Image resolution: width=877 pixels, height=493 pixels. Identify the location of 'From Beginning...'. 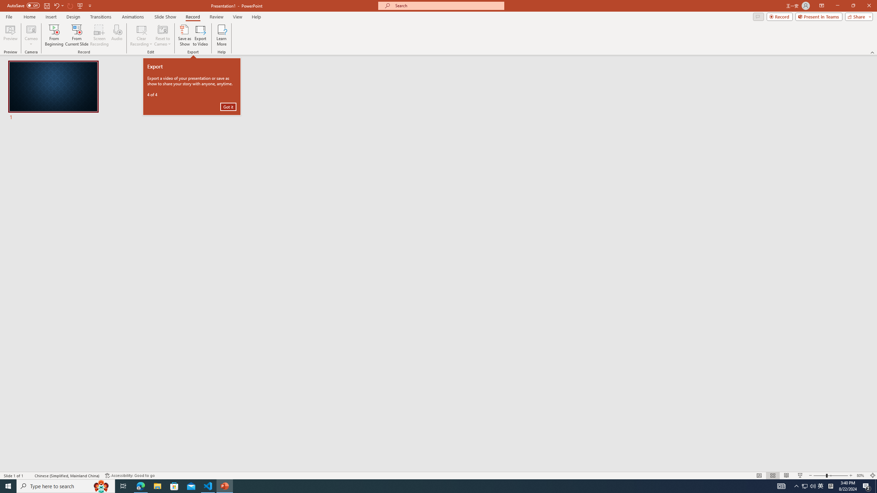
(53, 35).